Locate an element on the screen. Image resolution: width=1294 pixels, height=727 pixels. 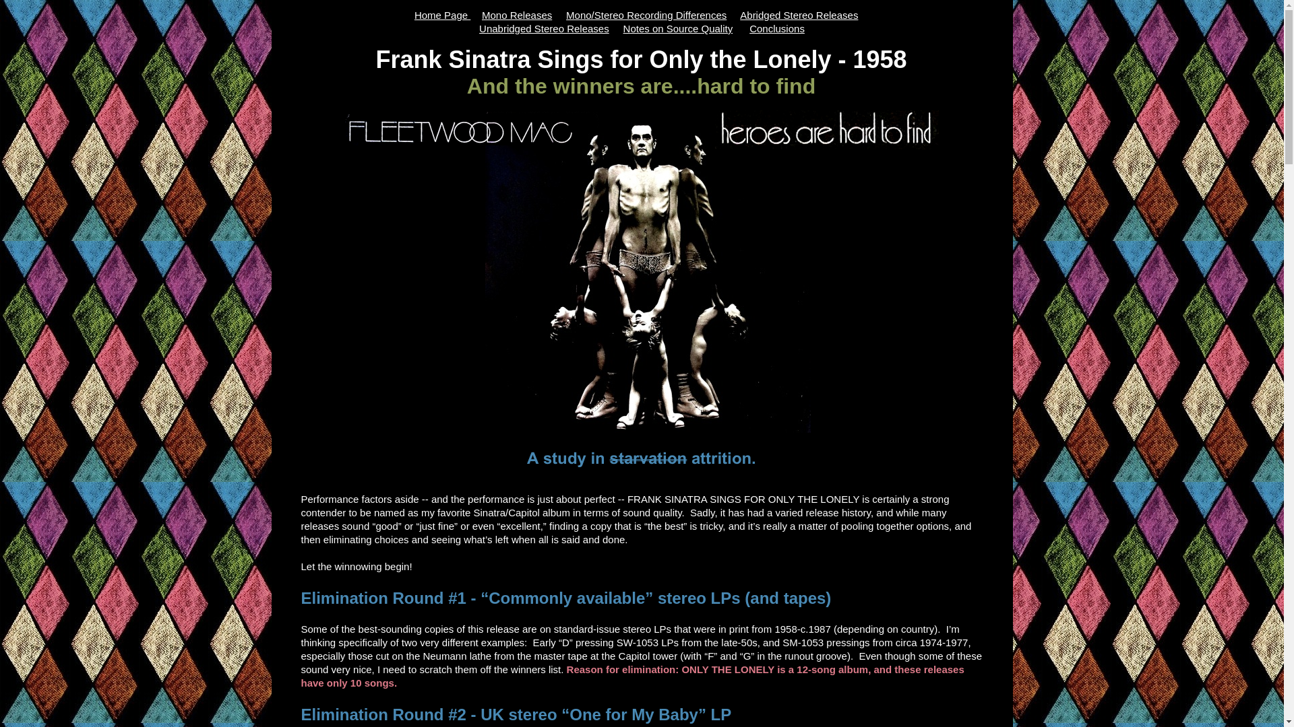
'Mono Releases' is located at coordinates (516, 15).